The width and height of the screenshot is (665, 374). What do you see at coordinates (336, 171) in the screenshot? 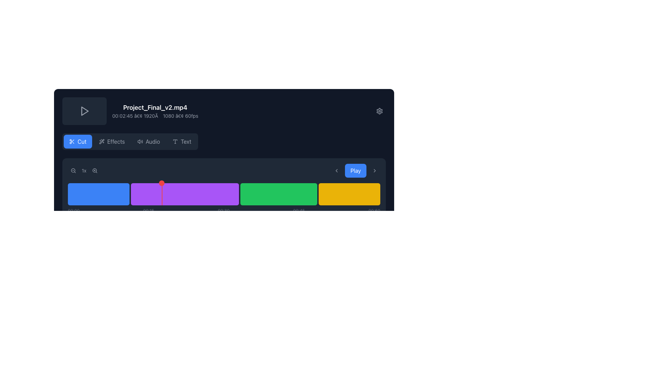
I see `the left-pointing chevron button located to the left of the 'Play' button` at bounding box center [336, 171].